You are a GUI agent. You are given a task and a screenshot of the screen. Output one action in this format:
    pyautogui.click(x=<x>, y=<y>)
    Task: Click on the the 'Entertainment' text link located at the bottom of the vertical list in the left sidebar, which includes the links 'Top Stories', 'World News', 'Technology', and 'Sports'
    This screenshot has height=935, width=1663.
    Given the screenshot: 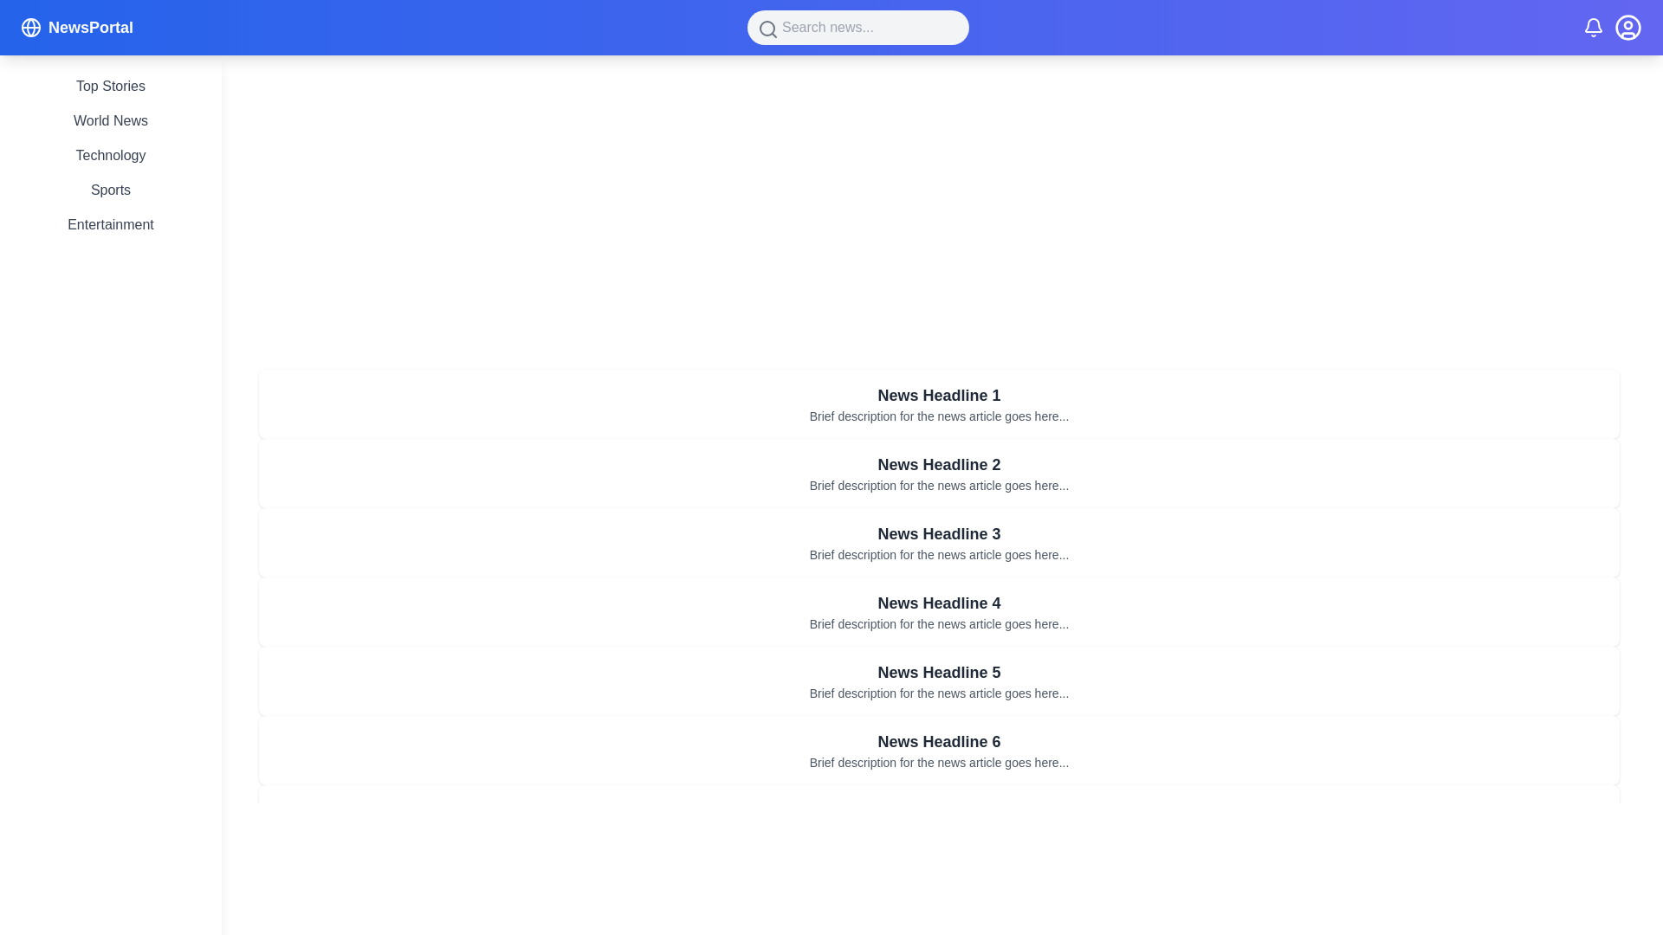 What is the action you would take?
    pyautogui.click(x=110, y=223)
    